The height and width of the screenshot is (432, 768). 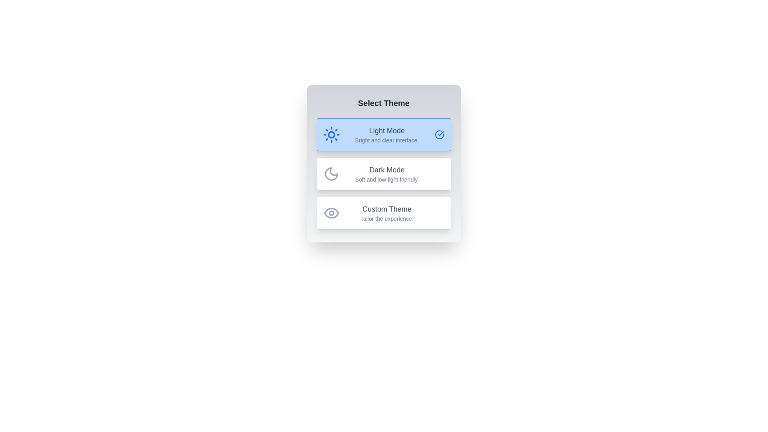 I want to click on the small circular shape representing the pupil of the eye-shaped icon in the 'Custom Theme' option card, so click(x=331, y=212).